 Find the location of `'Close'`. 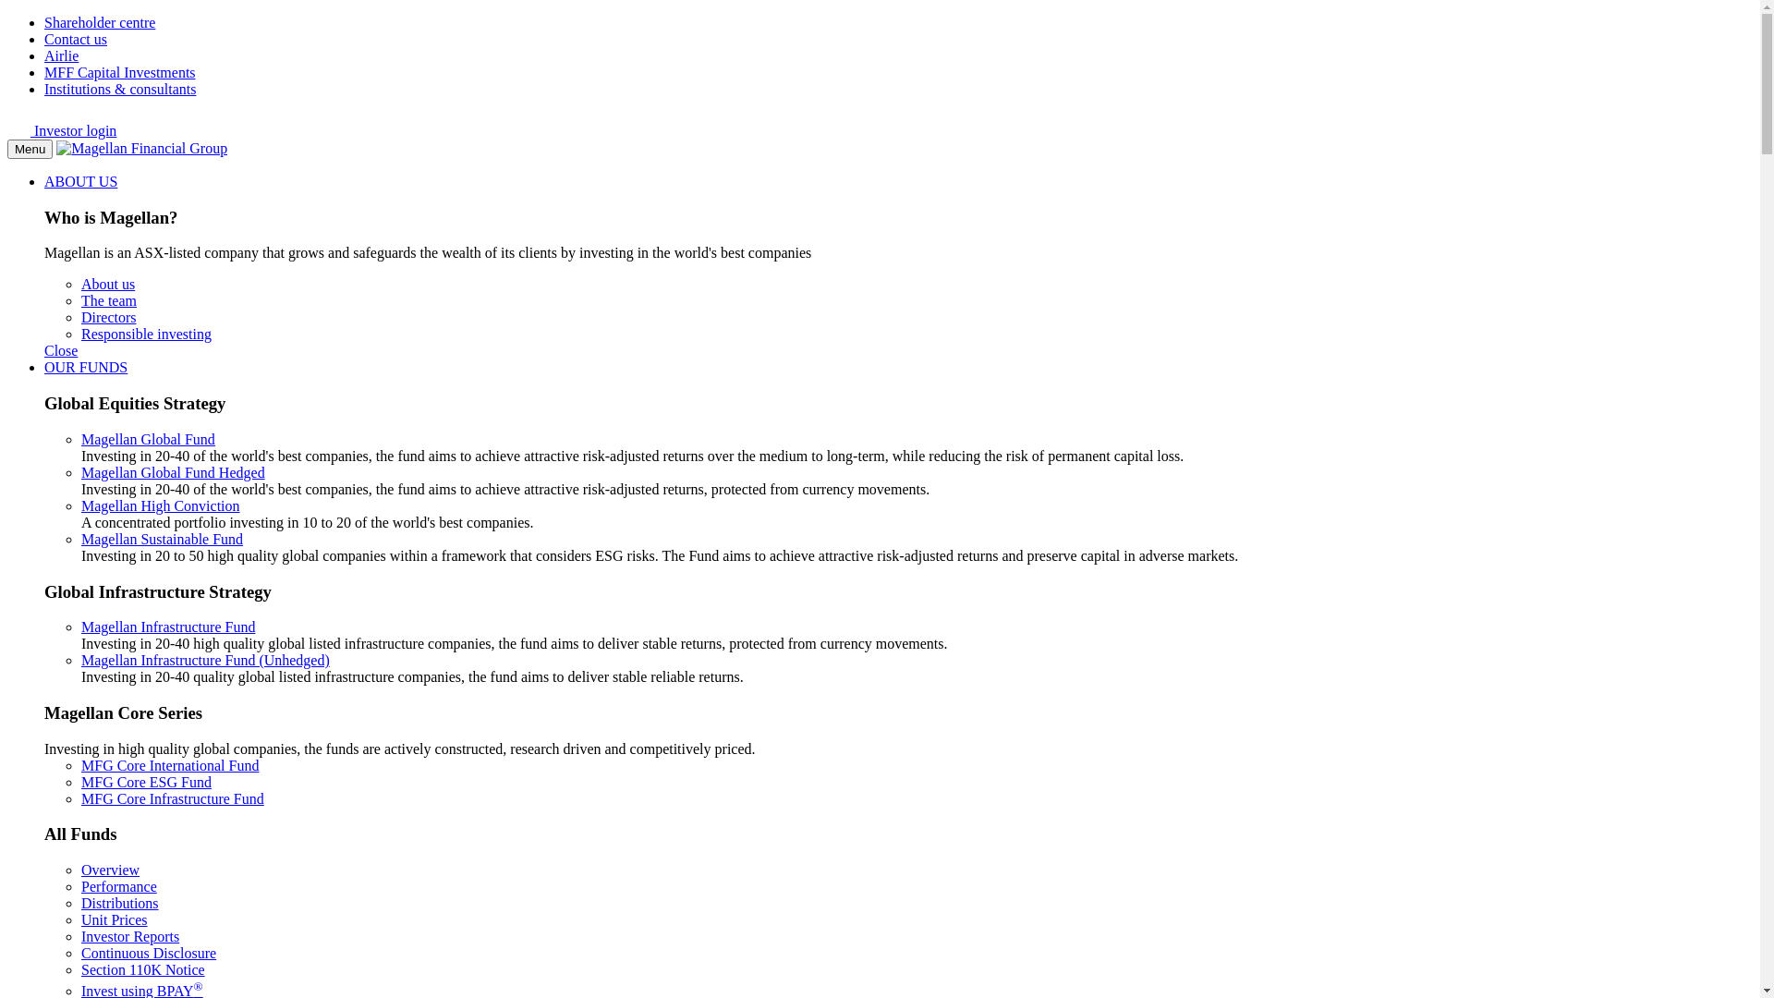

'Close' is located at coordinates (61, 350).